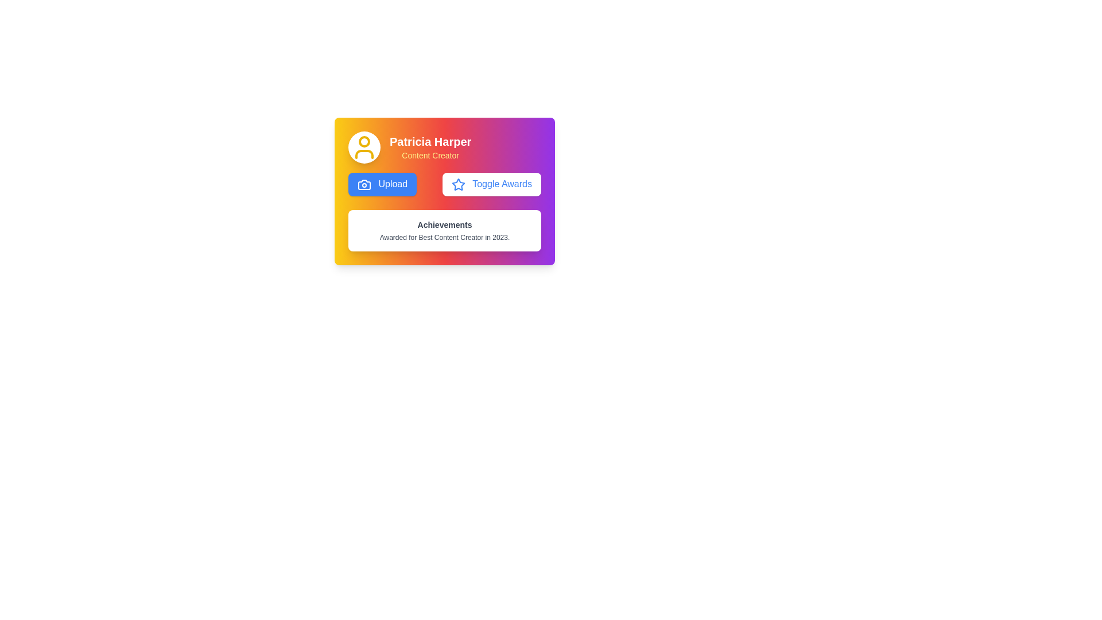  I want to click on the leftmost button below the profile information to initiate the upload functionality again, so click(382, 183).